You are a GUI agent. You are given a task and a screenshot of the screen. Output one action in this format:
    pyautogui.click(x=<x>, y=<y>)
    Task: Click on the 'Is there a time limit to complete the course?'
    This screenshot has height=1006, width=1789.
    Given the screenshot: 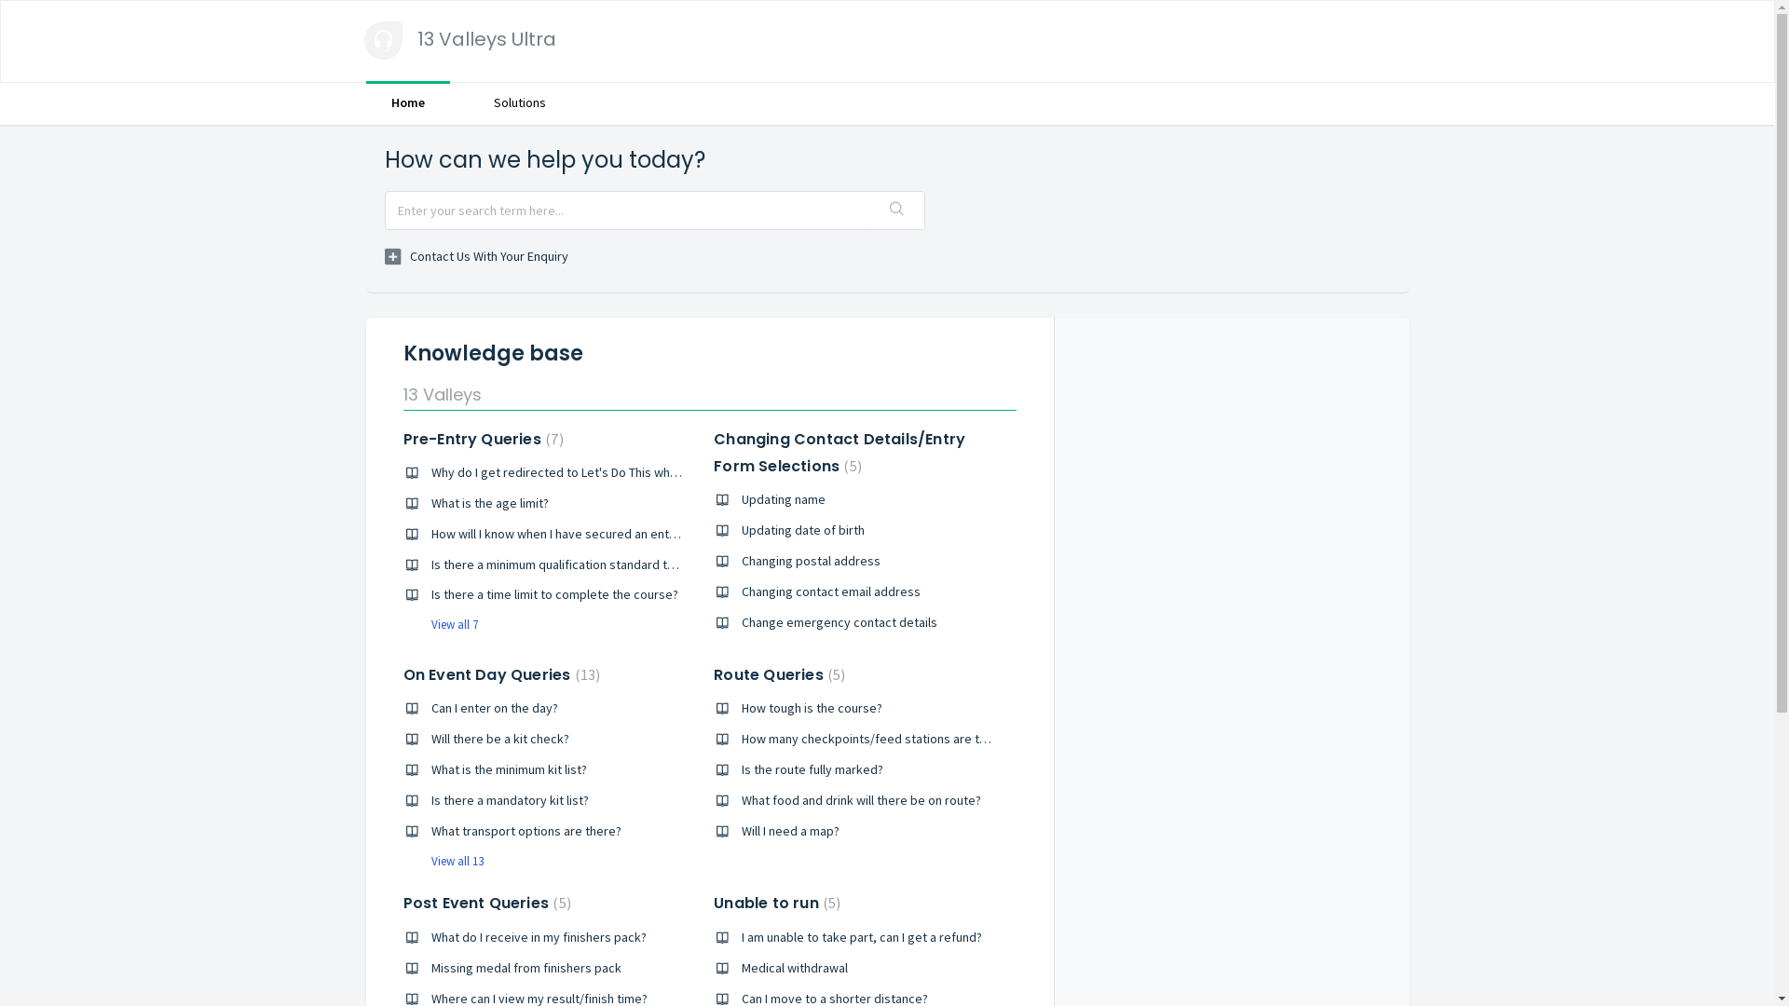 What is the action you would take?
    pyautogui.click(x=553, y=593)
    